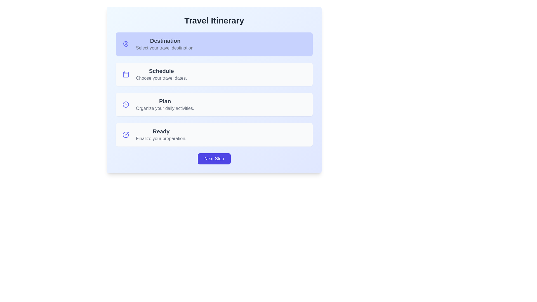 This screenshot has width=537, height=302. I want to click on the 'Destination' text label group, which includes the bold text 'Destination' and the descriptive text 'Select your travel destination.' This element is located at the top of the interface within a rectangular section with a light background, so click(165, 44).